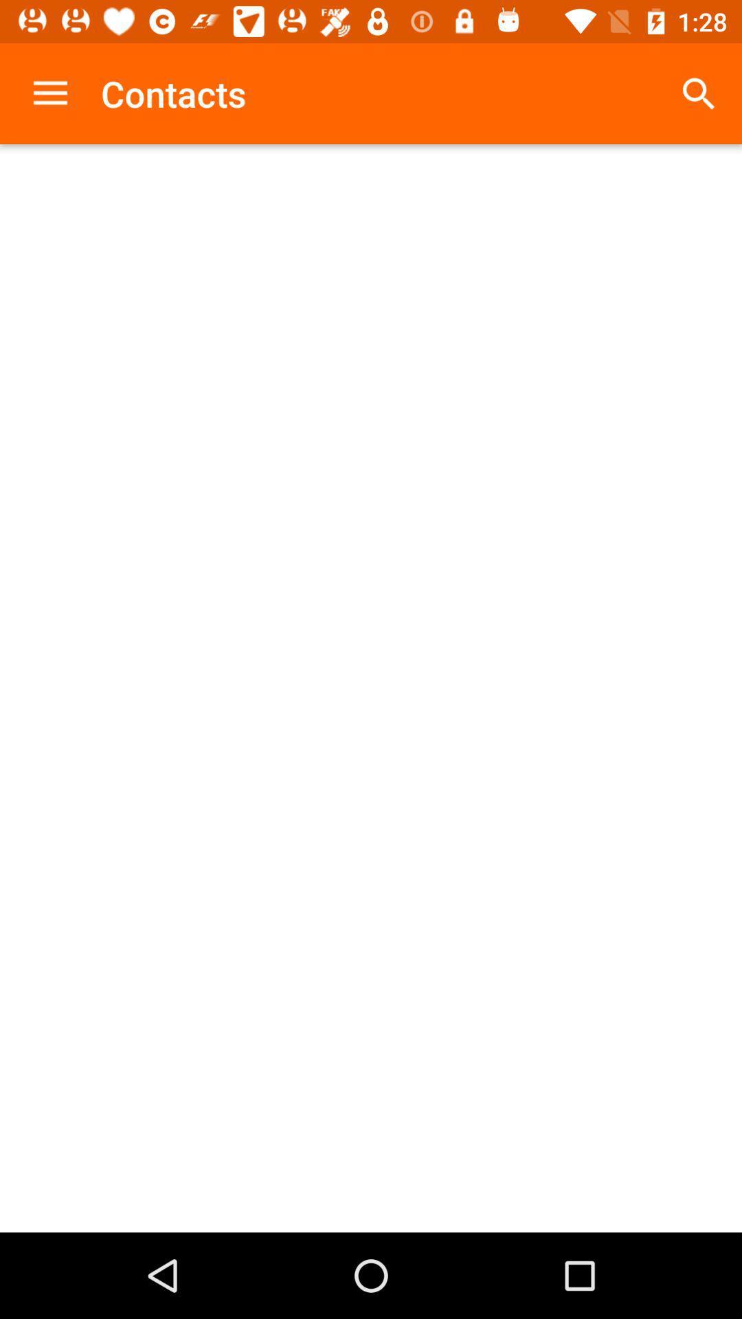  Describe the element at coordinates (699, 93) in the screenshot. I see `the item next to the contacts icon` at that location.